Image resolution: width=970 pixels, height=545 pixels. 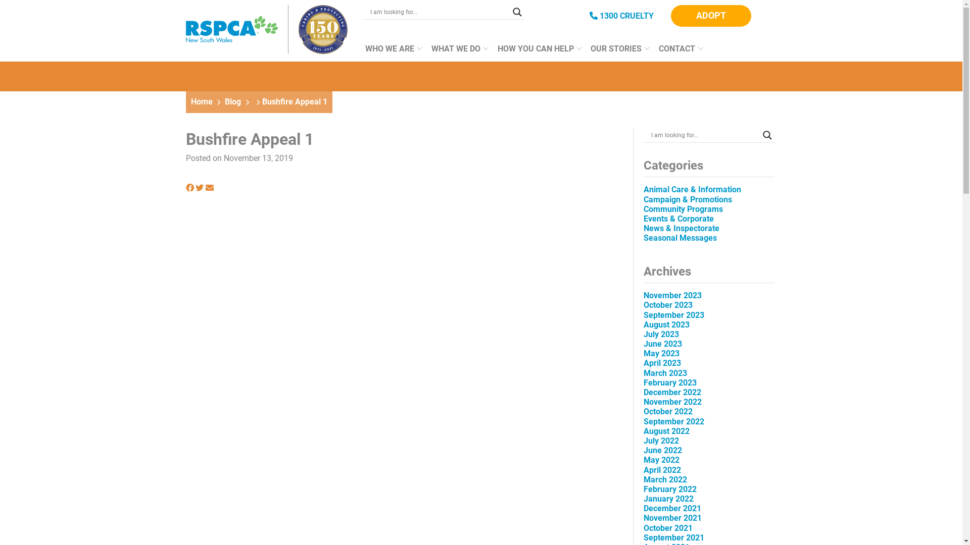 I want to click on 'September 2023', so click(x=674, y=314).